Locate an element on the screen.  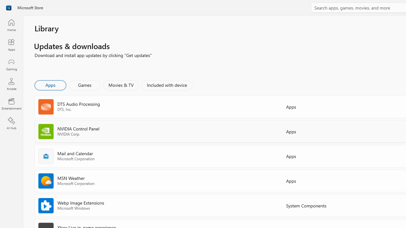
'Included with device' is located at coordinates (167, 85).